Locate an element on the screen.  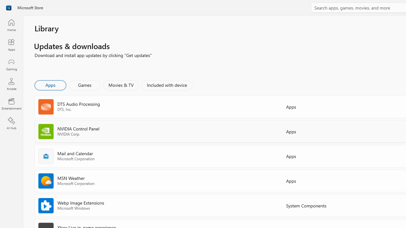
'Included with device' is located at coordinates (167, 85).